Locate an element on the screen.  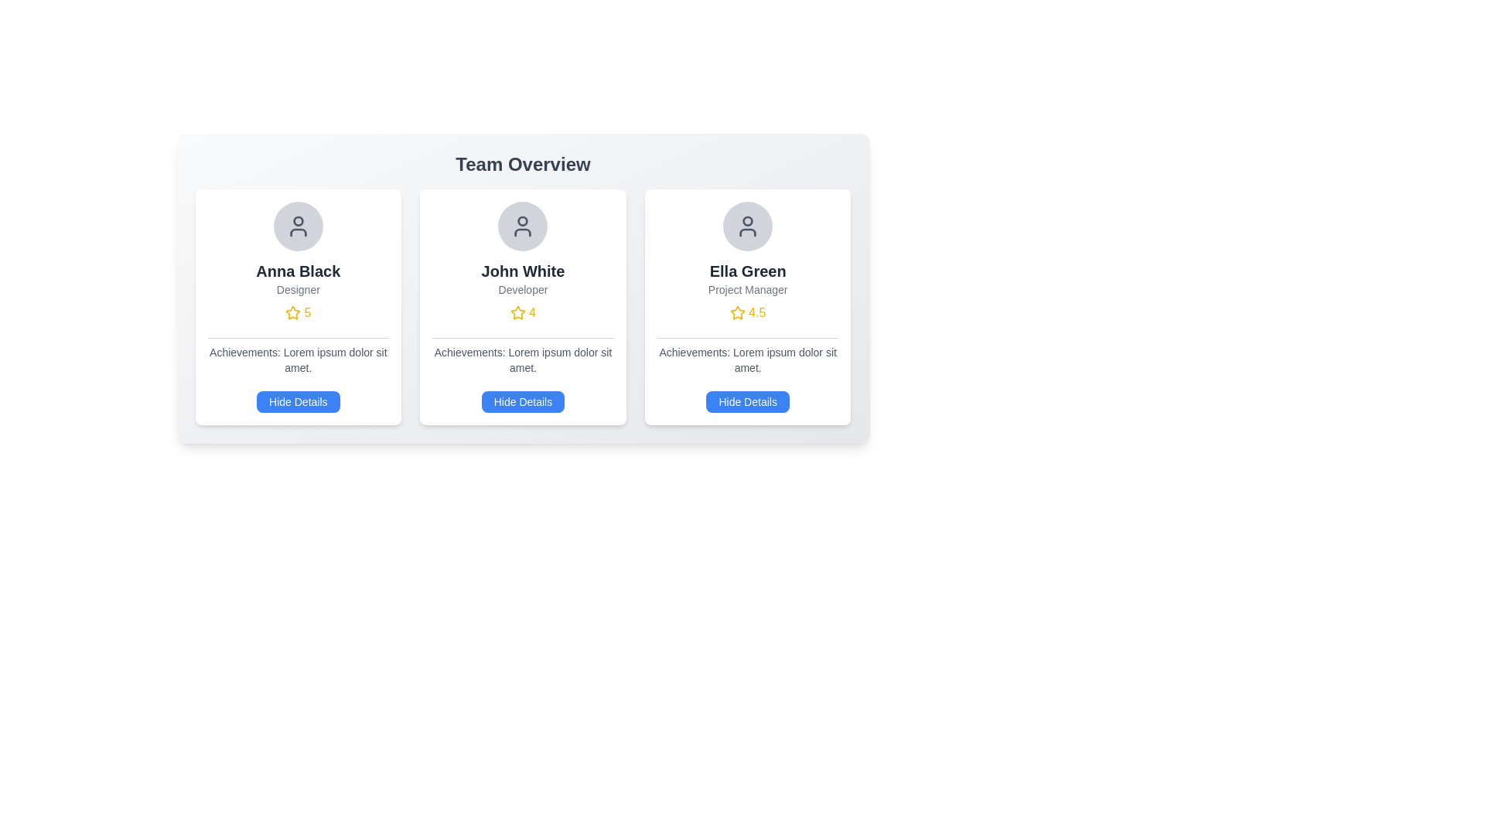
the circular avatar placeholder icon for the profile of 'Anna Black', which is located in the top-left profile card is located at coordinates (298, 227).